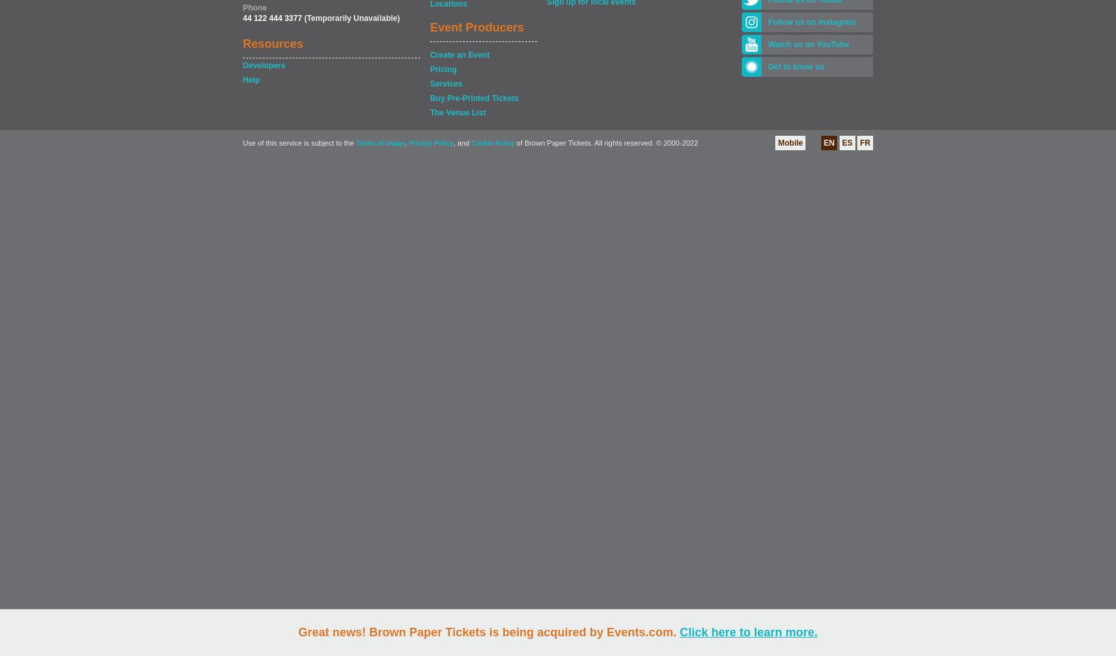 This screenshot has width=1116, height=656. What do you see at coordinates (488, 632) in the screenshot?
I see `'Great news! Brown Paper Tickets is being acquired by Events.com.'` at bounding box center [488, 632].